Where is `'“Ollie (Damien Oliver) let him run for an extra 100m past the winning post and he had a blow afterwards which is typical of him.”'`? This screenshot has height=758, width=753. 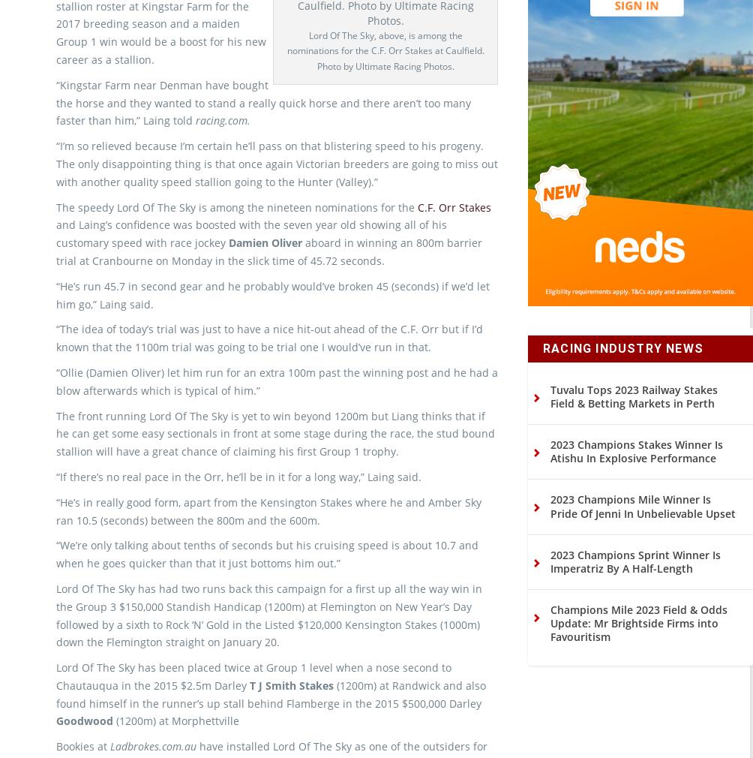 '“Ollie (Damien Oliver) let him run for an extra 100m past the winning post and he had a blow afterwards which is typical of him.”' is located at coordinates (277, 406).